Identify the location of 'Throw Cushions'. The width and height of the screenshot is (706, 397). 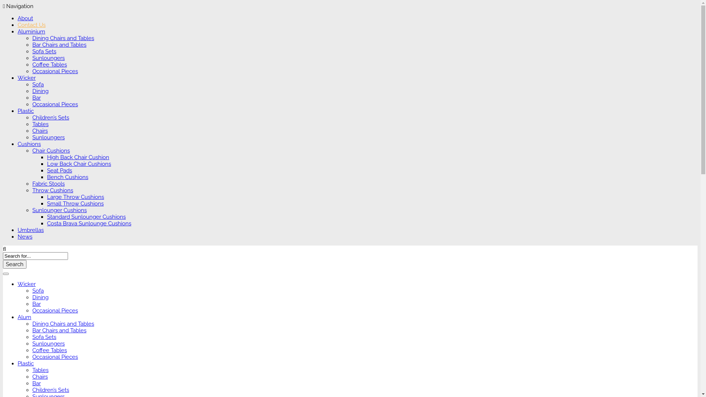
(52, 190).